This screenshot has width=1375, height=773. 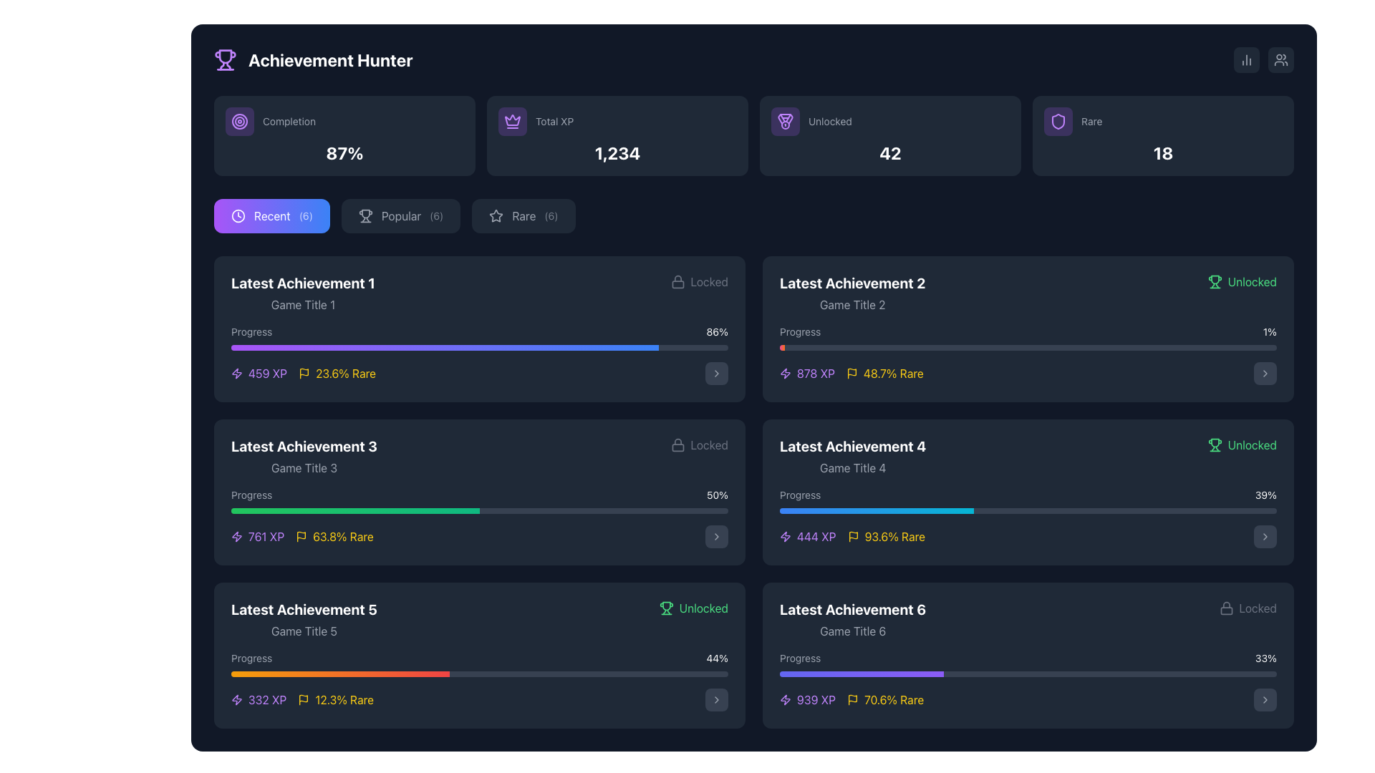 What do you see at coordinates (1058, 120) in the screenshot?
I see `the shield icon with a purple outline located to the left of the 'Rare' text label in the top-right area of the interface` at bounding box center [1058, 120].